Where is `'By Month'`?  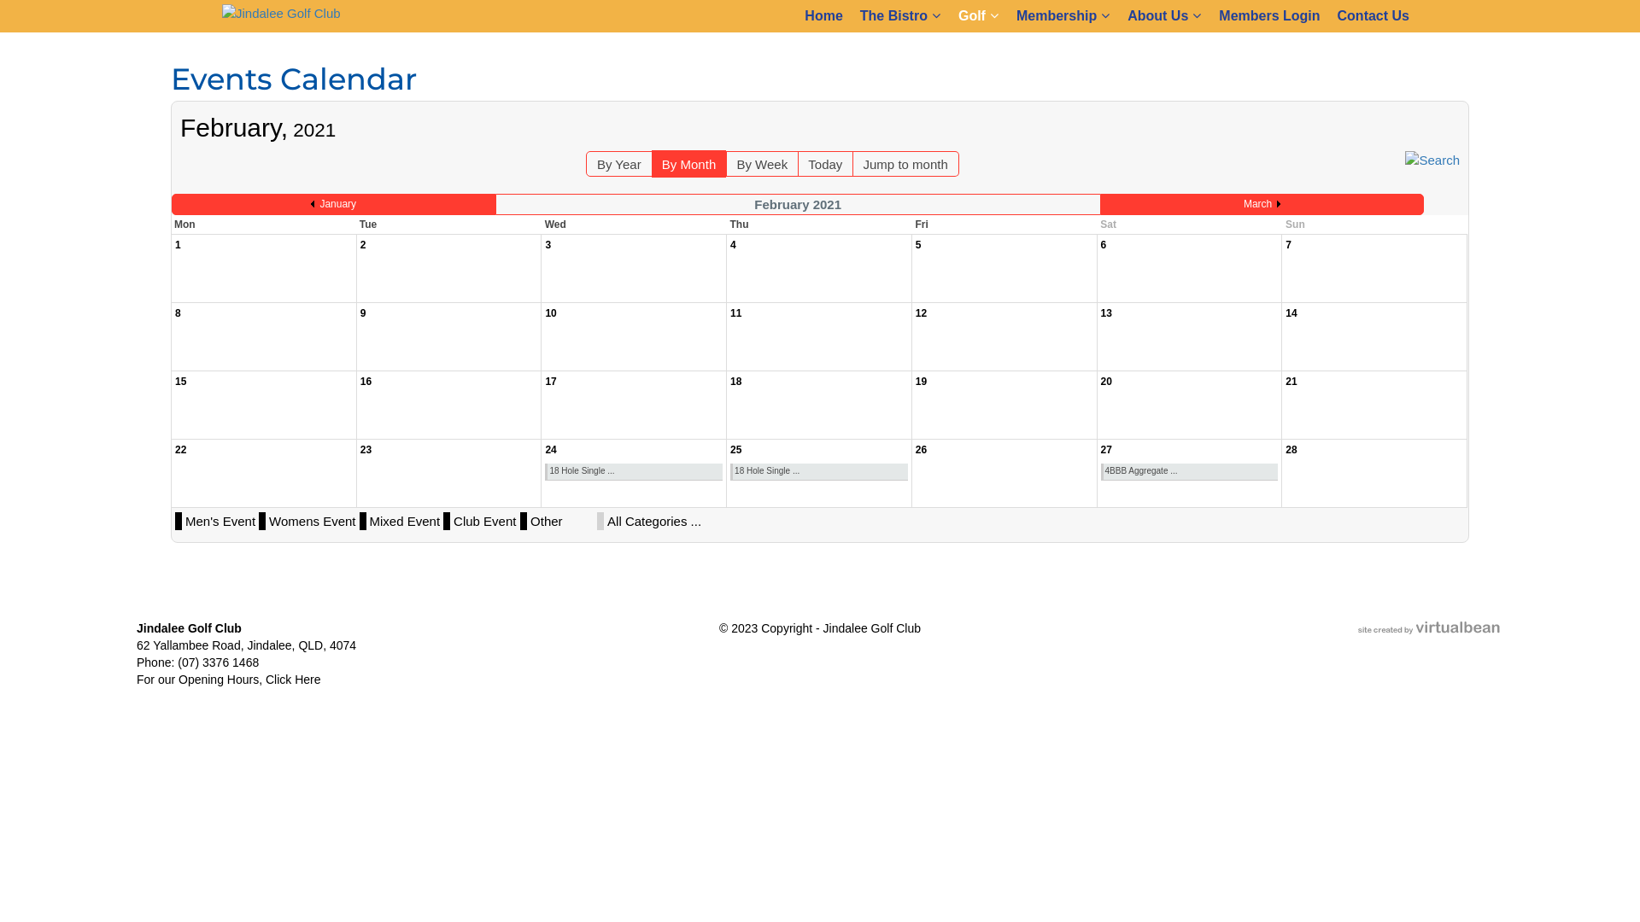 'By Month' is located at coordinates (688, 164).